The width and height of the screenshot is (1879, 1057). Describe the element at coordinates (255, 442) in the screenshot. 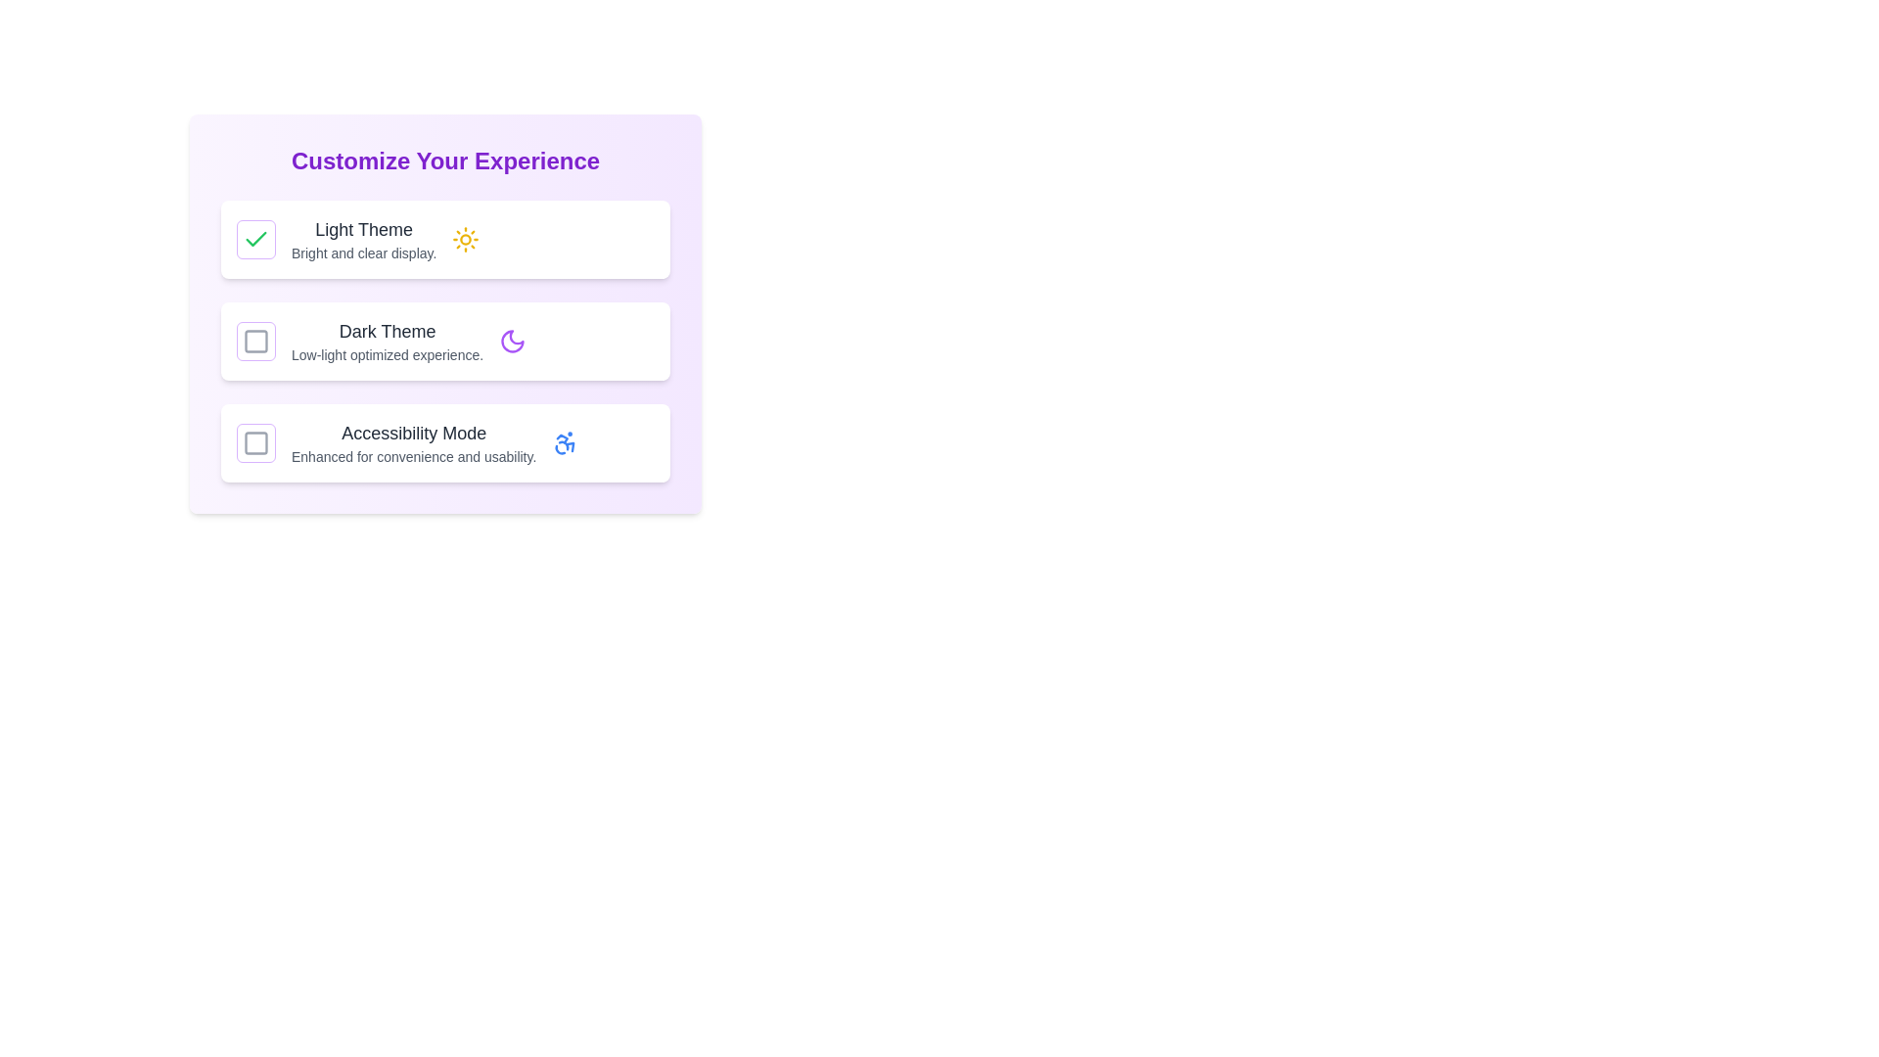

I see `the toggle button for 'Accessibility Mode'` at that location.